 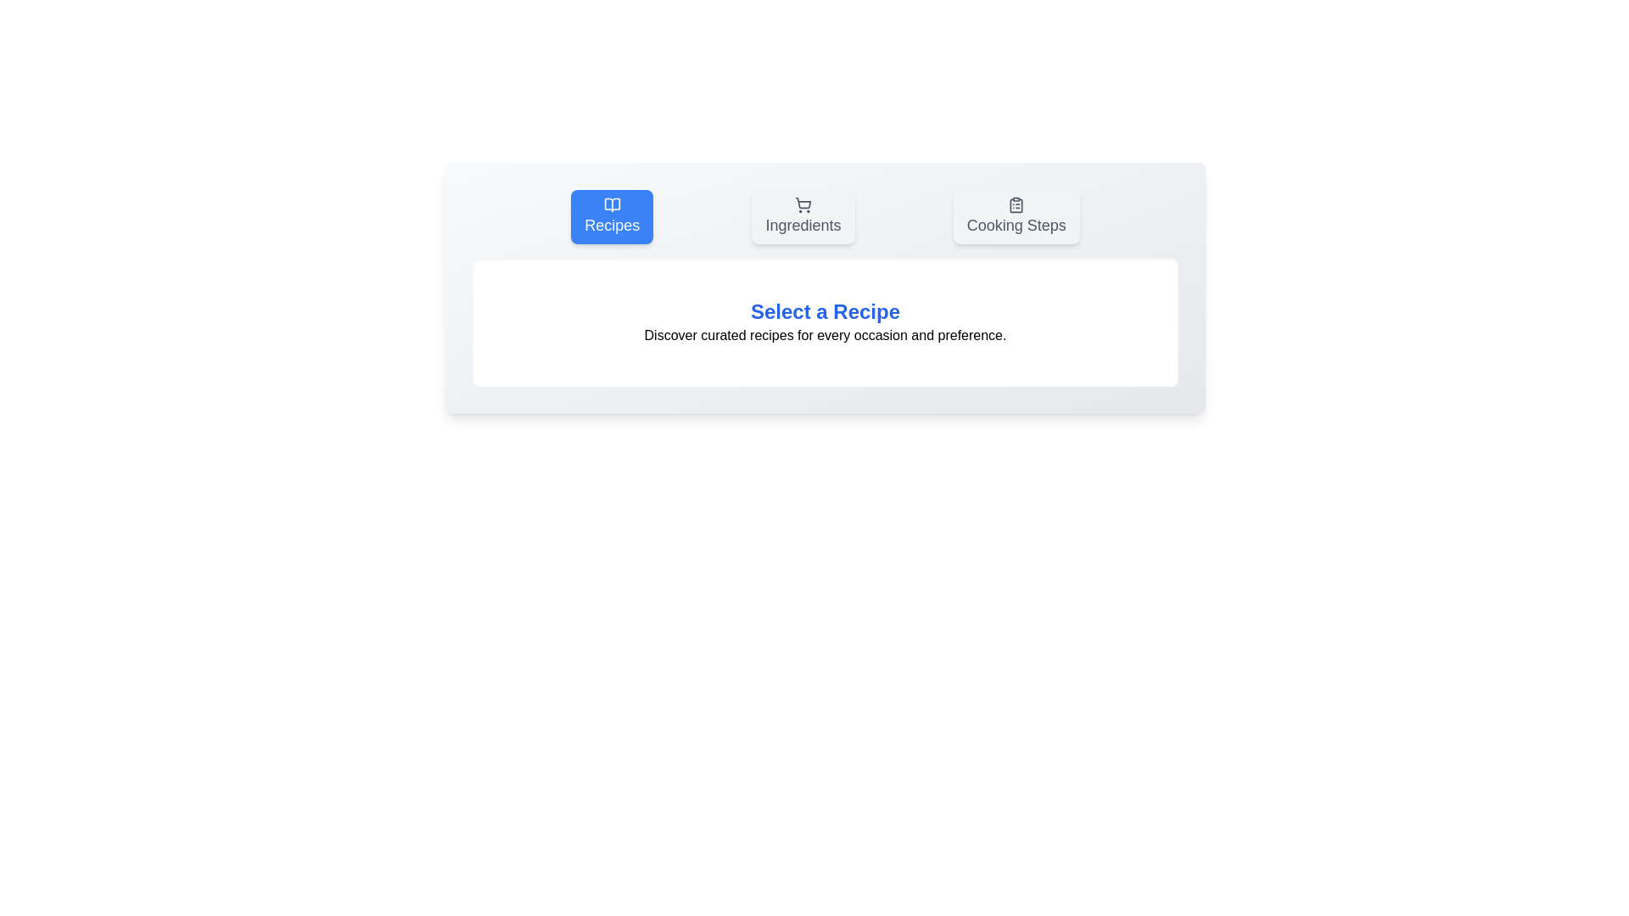 I want to click on the tab labeled Recipes to observe its hover effect, so click(x=611, y=215).